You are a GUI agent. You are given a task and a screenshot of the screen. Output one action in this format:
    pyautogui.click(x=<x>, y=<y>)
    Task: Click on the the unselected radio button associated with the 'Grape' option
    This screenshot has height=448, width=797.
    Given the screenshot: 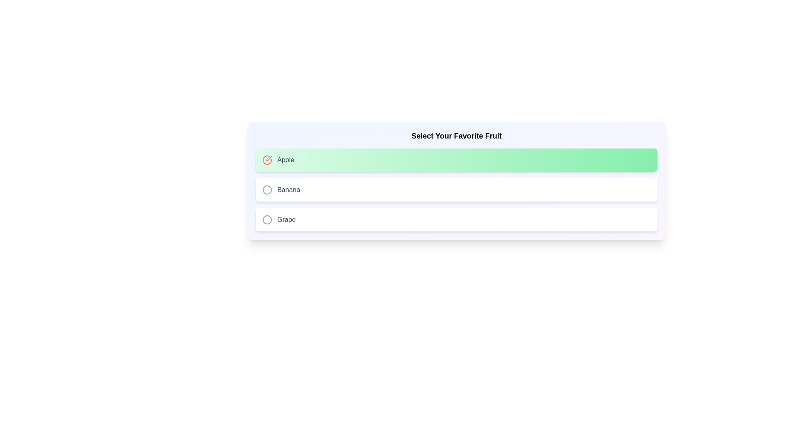 What is the action you would take?
    pyautogui.click(x=267, y=219)
    